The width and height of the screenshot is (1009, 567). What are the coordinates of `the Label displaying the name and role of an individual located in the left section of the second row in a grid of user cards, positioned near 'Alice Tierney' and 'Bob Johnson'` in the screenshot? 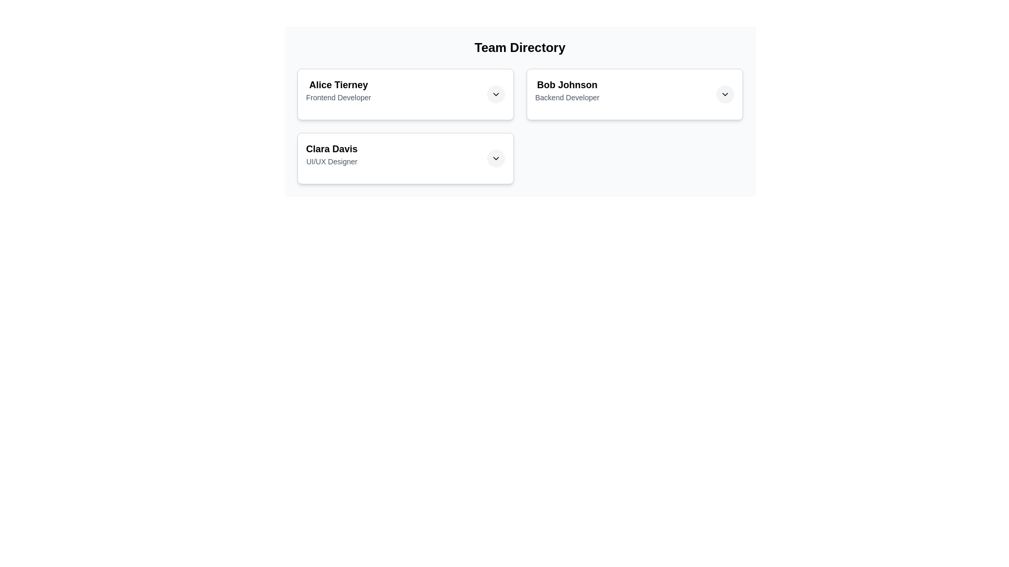 It's located at (331, 158).